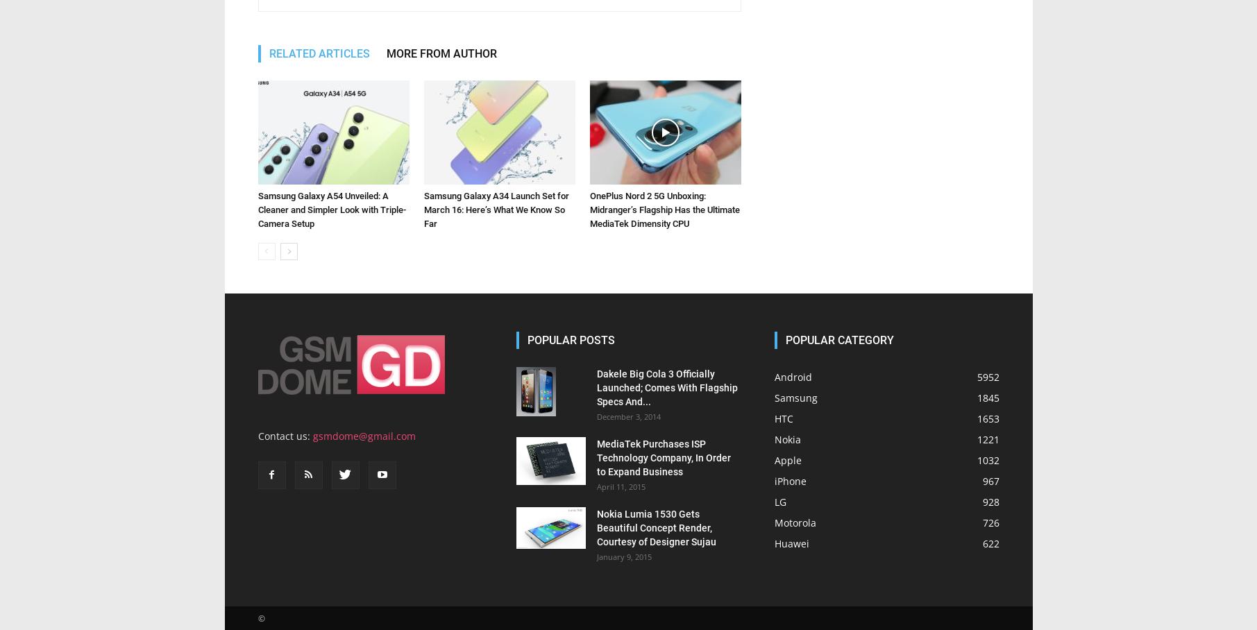  I want to click on 'POPULAR POSTS', so click(571, 339).